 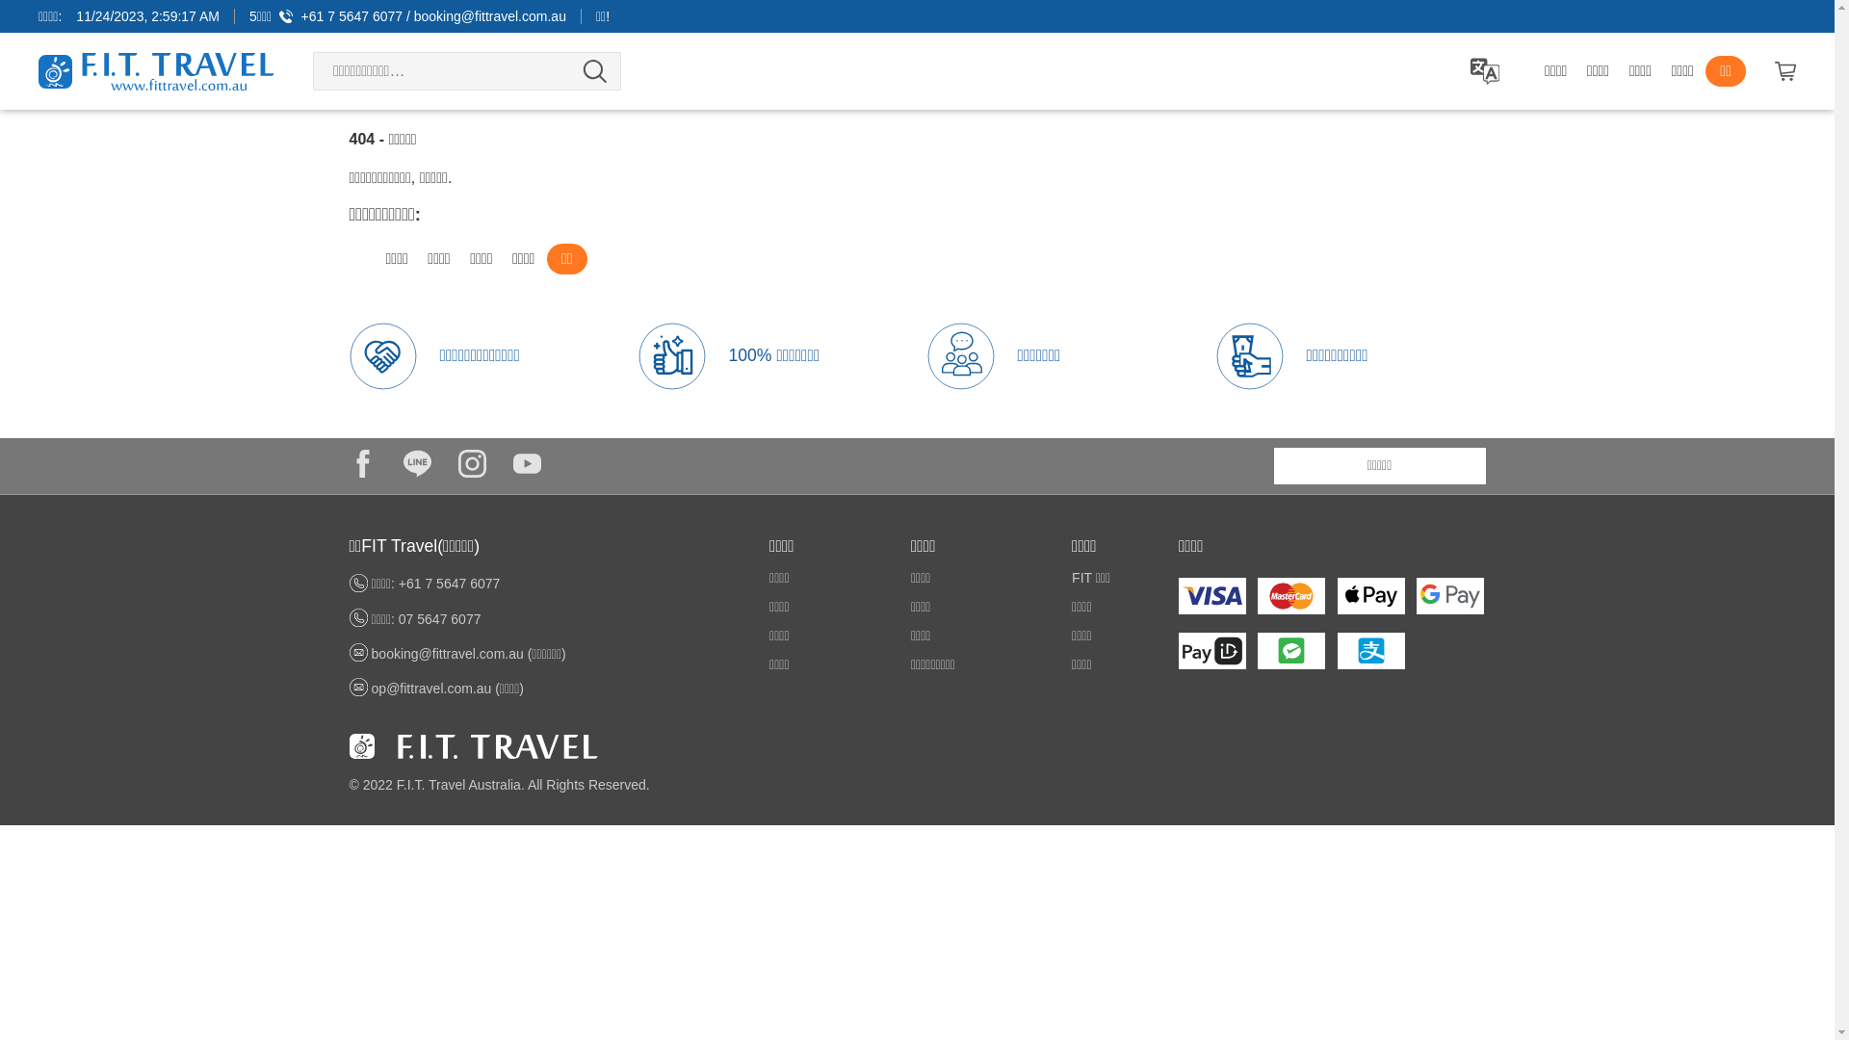 What do you see at coordinates (466, 69) in the screenshot?
I see `'Search for:'` at bounding box center [466, 69].